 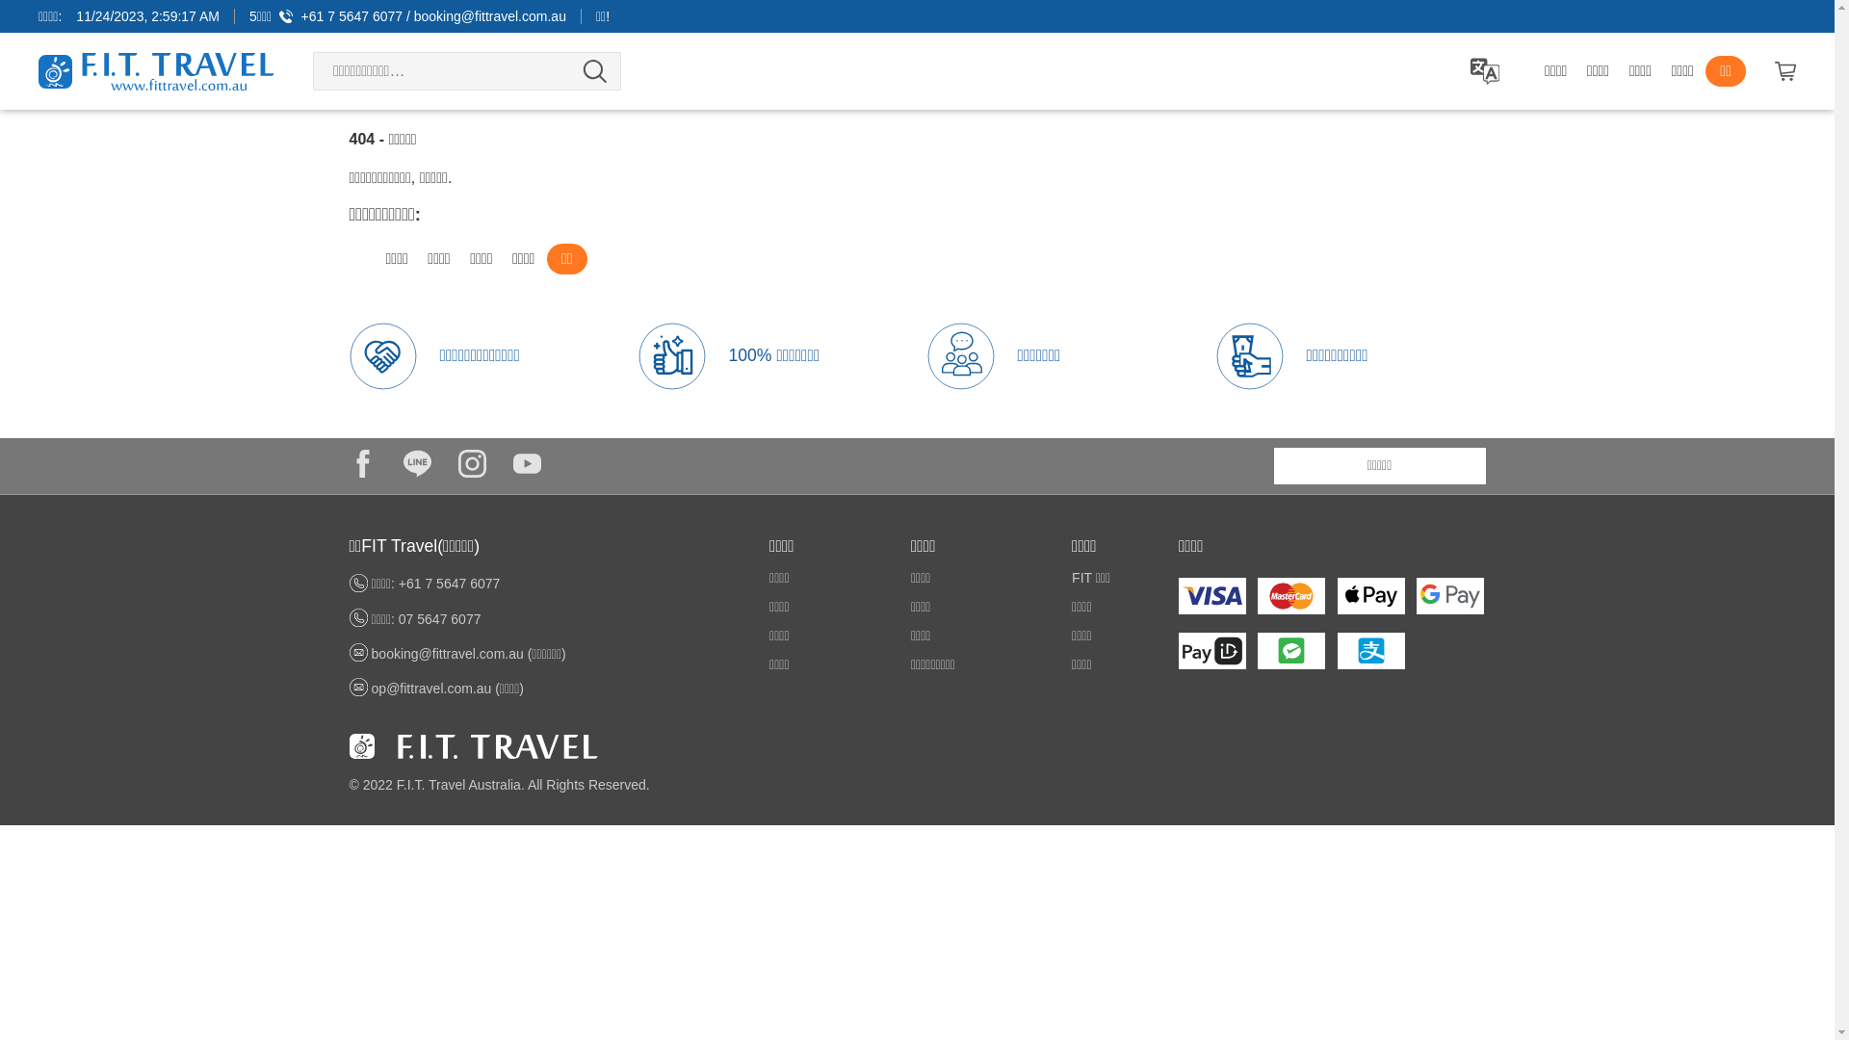 What do you see at coordinates (466, 69) in the screenshot?
I see `'Search for:'` at bounding box center [466, 69].